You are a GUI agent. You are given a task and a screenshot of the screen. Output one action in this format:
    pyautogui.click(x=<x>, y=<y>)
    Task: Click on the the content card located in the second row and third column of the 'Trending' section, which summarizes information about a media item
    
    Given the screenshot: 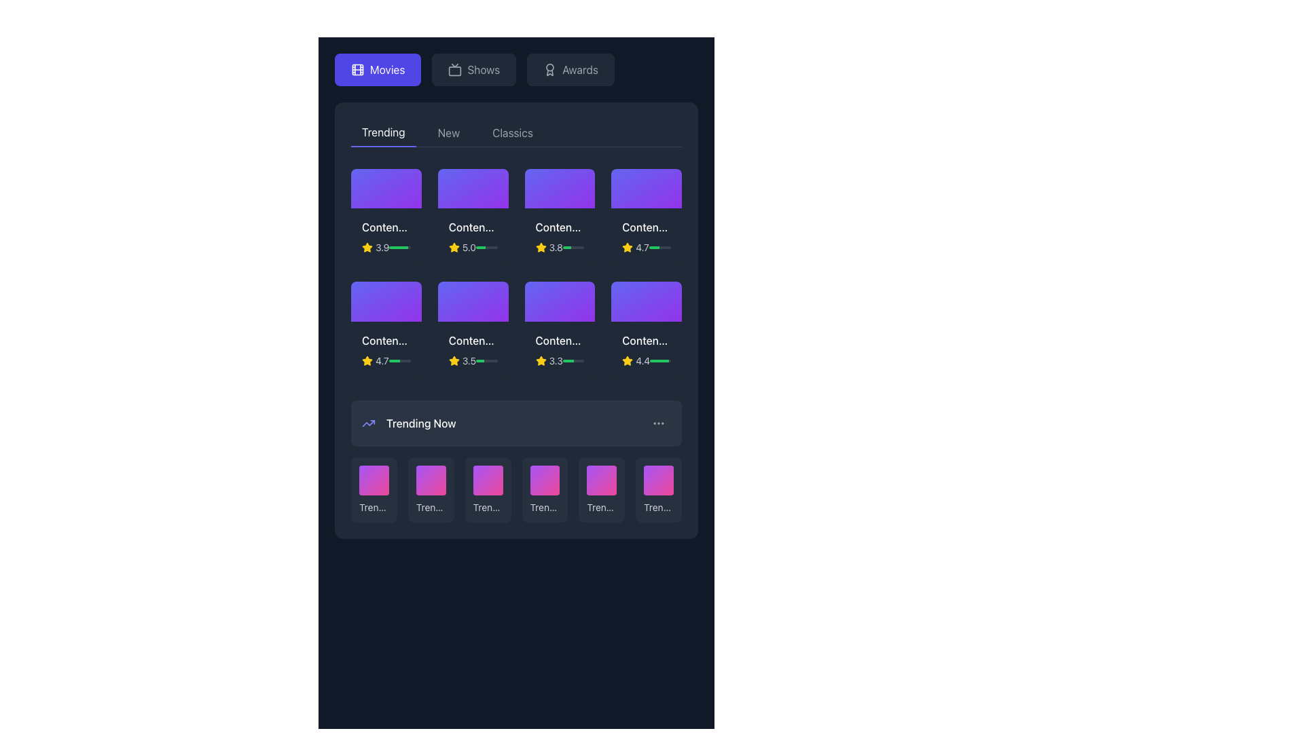 What is the action you would take?
    pyautogui.click(x=473, y=330)
    